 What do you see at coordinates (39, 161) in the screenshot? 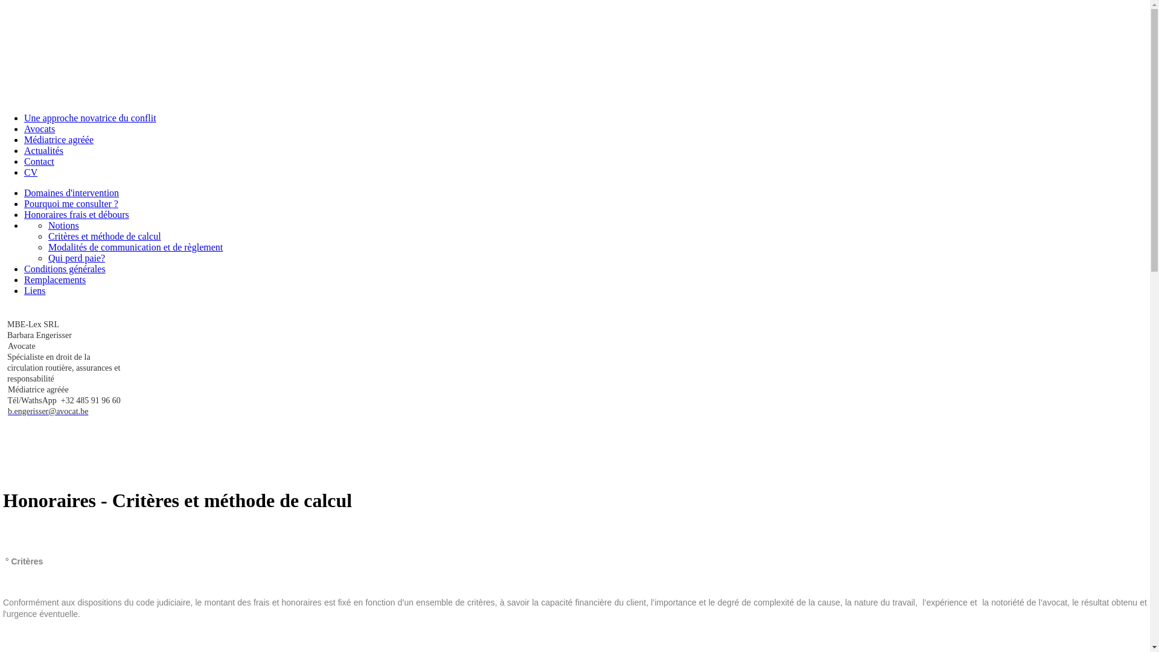
I see `'Contact'` at bounding box center [39, 161].